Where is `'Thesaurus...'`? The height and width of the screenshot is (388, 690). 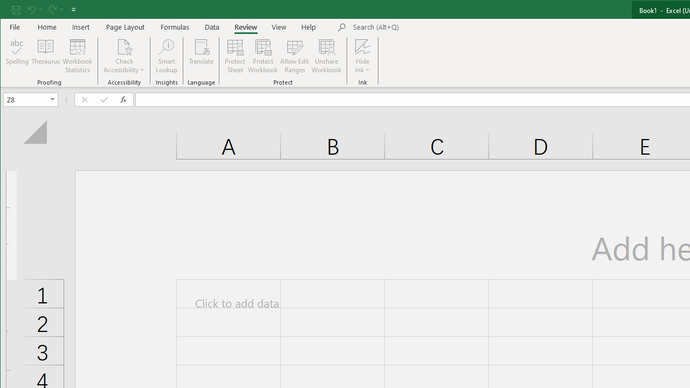 'Thesaurus...' is located at coordinates (45, 56).